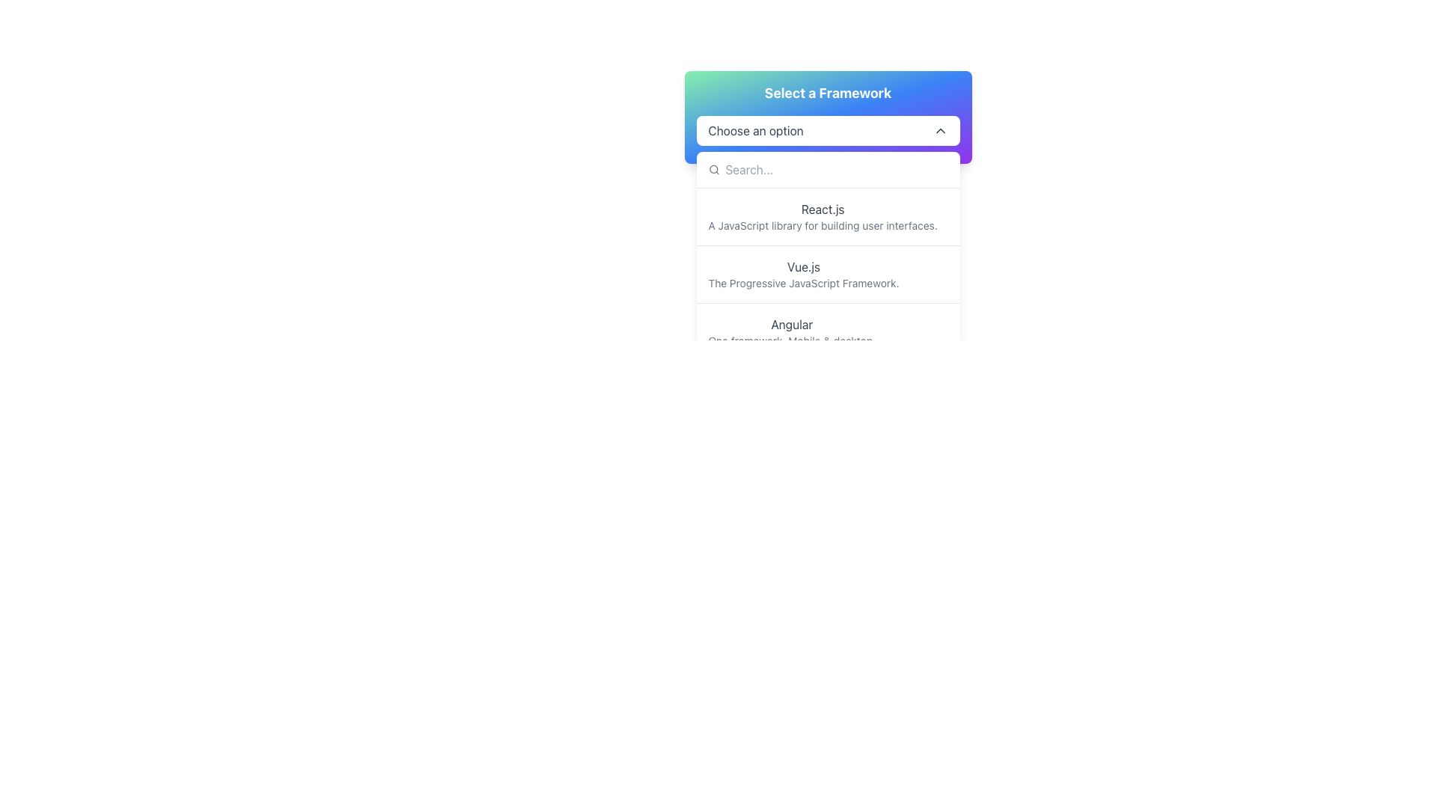  What do you see at coordinates (827, 117) in the screenshot?
I see `the Dropdown menu used for selecting a JavaScript framework located` at bounding box center [827, 117].